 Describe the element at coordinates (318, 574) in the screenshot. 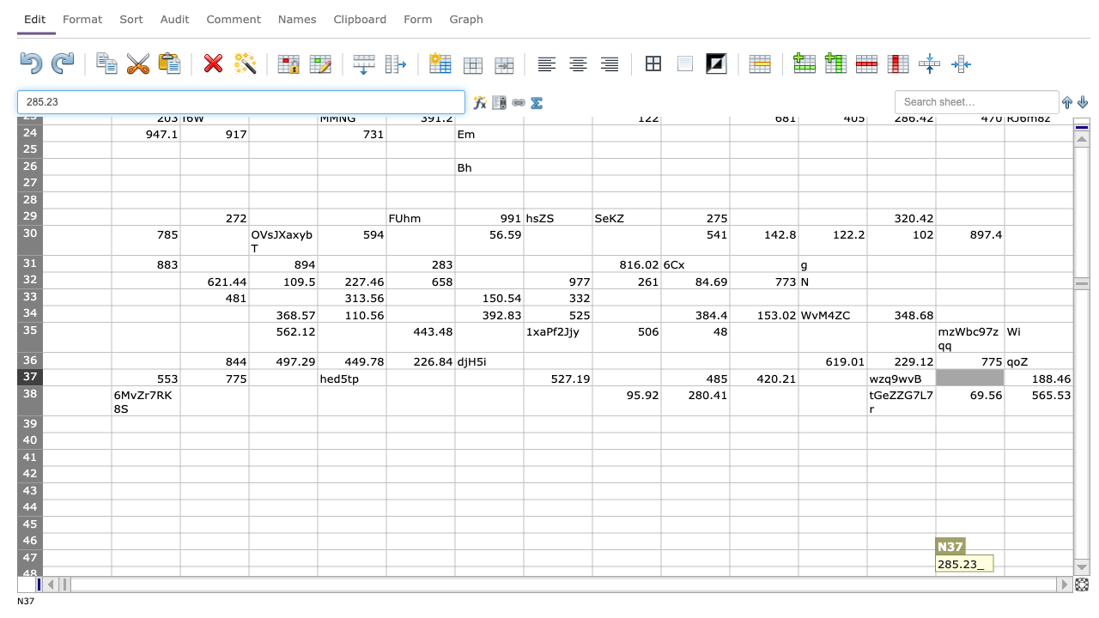

I see `Left side of cell E48` at that location.